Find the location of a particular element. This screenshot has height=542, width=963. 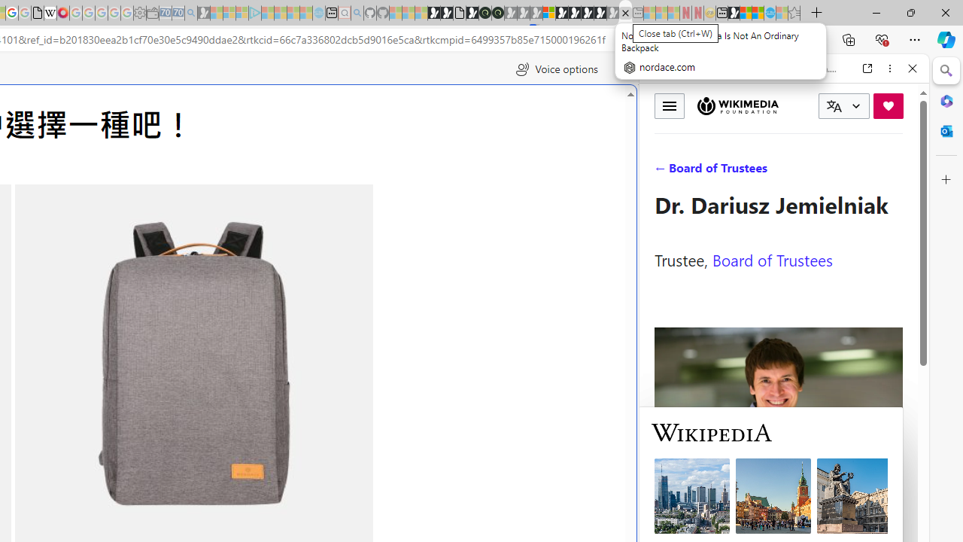

'Wiktionary' is located at coordinates (778, 504).